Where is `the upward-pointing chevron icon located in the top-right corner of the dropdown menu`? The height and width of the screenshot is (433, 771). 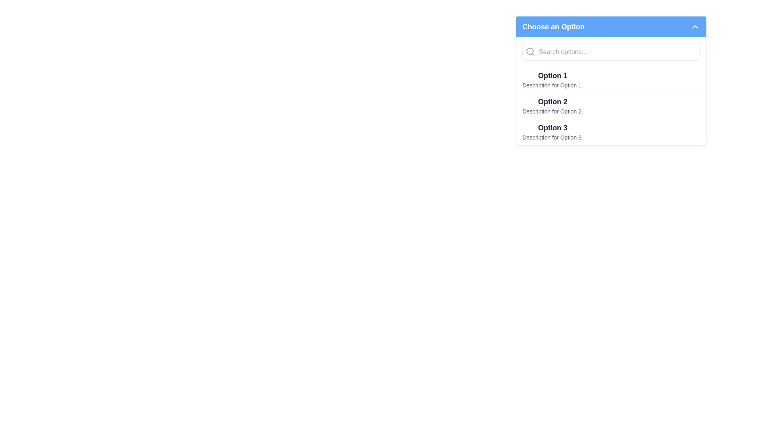 the upward-pointing chevron icon located in the top-right corner of the dropdown menu is located at coordinates (695, 26).